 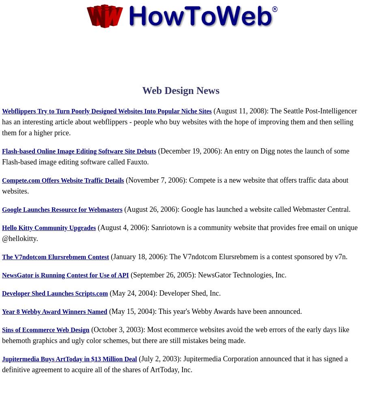 I want to click on 'Hello Kitty Community Upgrades', so click(x=49, y=227).